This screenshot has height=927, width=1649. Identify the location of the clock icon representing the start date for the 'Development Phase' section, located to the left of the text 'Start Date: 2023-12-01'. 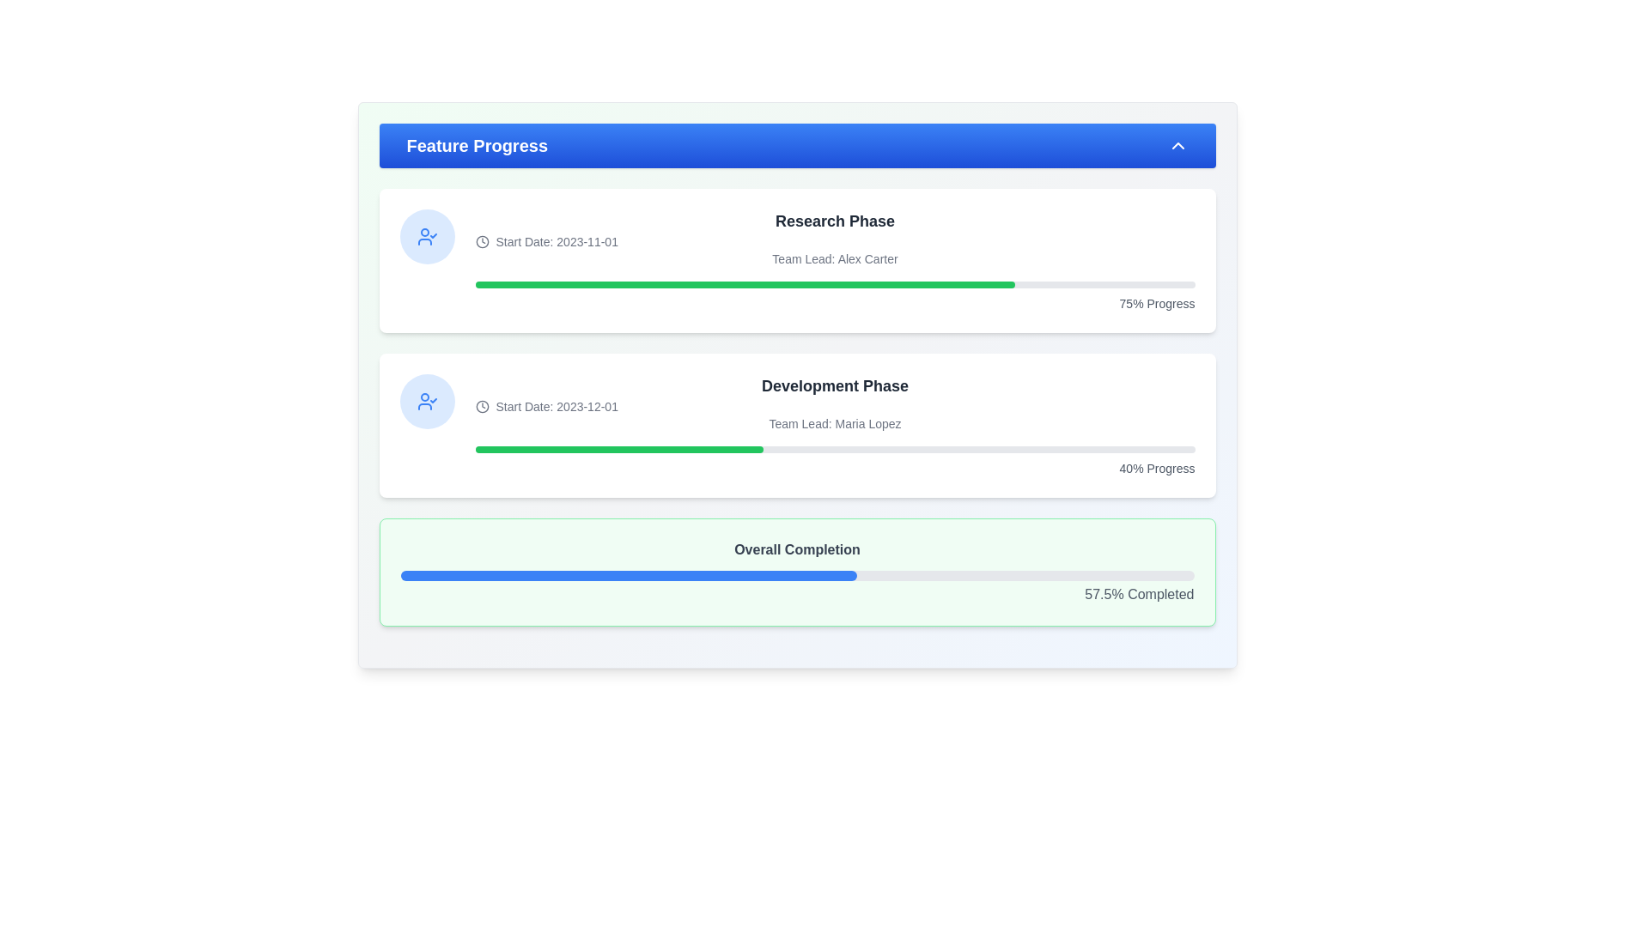
(481, 407).